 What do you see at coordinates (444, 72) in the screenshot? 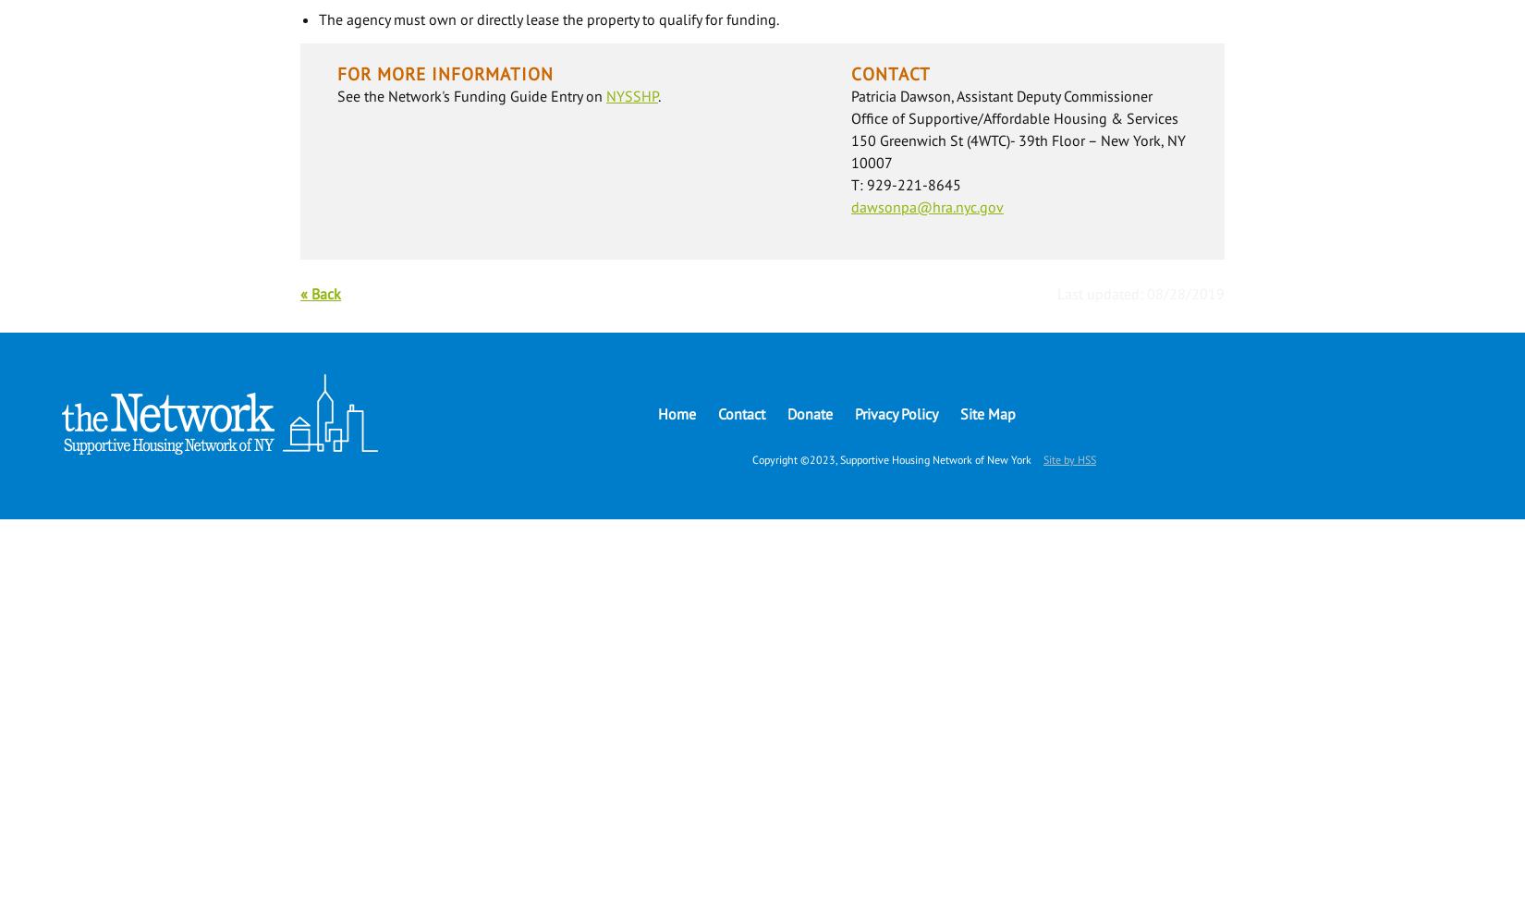
I see `'For More Information'` at bounding box center [444, 72].